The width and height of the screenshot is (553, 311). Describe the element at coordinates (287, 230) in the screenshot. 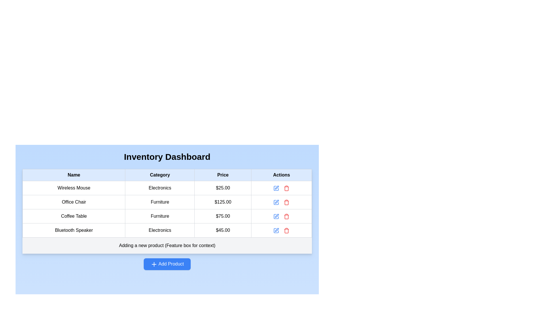

I see `the red-colored trash icon in the 'Actions' column of the last row in the inventory dashboard` at that location.